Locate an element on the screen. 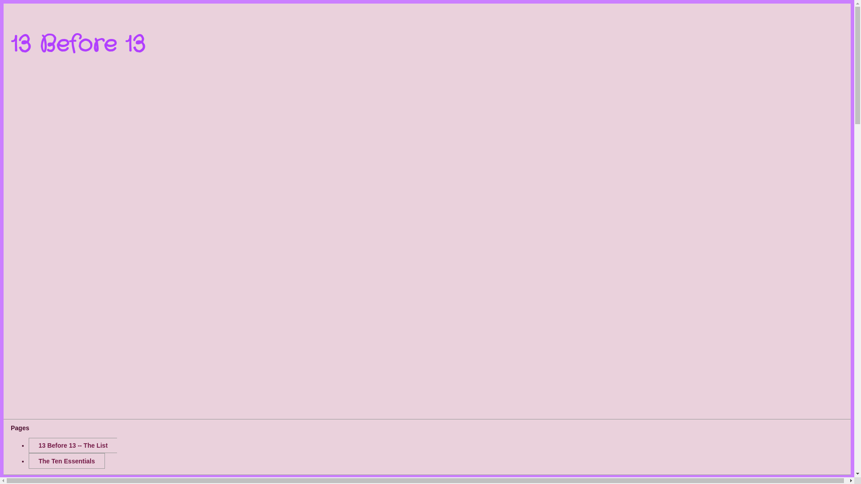 This screenshot has height=484, width=861. 'The Ten Essentials' is located at coordinates (28, 461).